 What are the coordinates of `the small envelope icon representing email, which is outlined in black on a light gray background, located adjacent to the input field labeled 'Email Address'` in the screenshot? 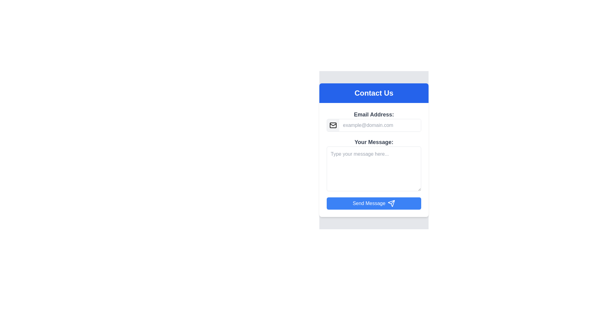 It's located at (333, 125).